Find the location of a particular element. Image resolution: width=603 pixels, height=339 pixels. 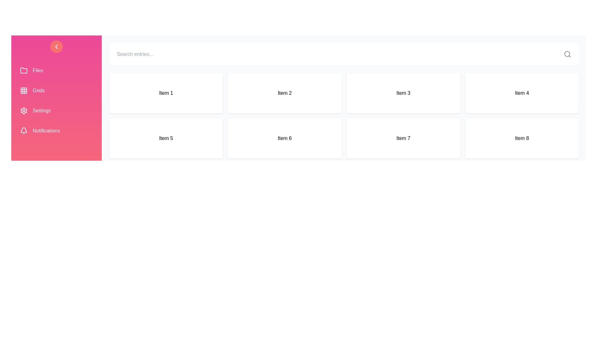

the menu item Notifications in the side drawer is located at coordinates (57, 130).